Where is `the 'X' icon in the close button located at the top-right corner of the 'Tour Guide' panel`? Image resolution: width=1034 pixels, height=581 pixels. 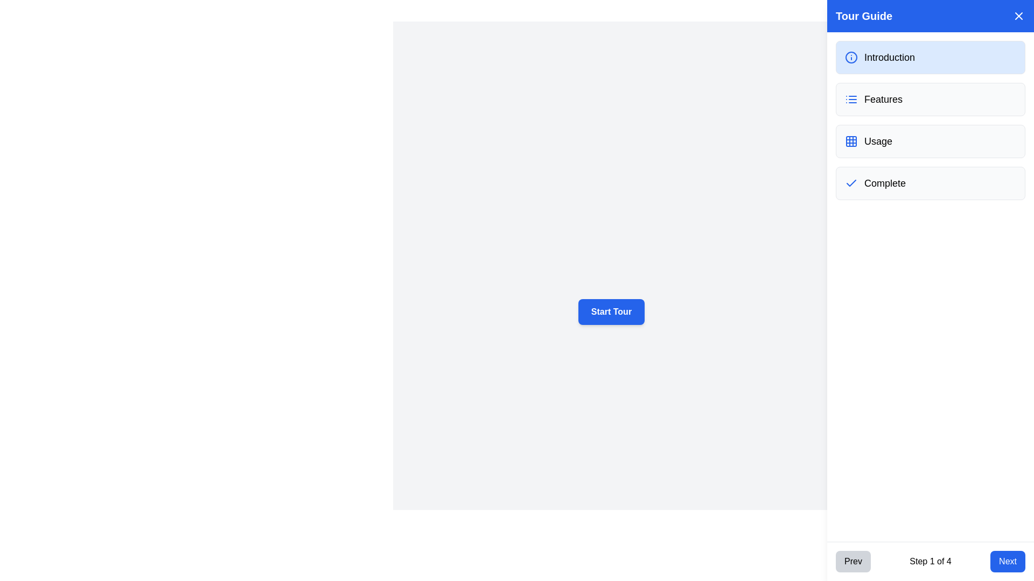 the 'X' icon in the close button located at the top-right corner of the 'Tour Guide' panel is located at coordinates (1018, 16).